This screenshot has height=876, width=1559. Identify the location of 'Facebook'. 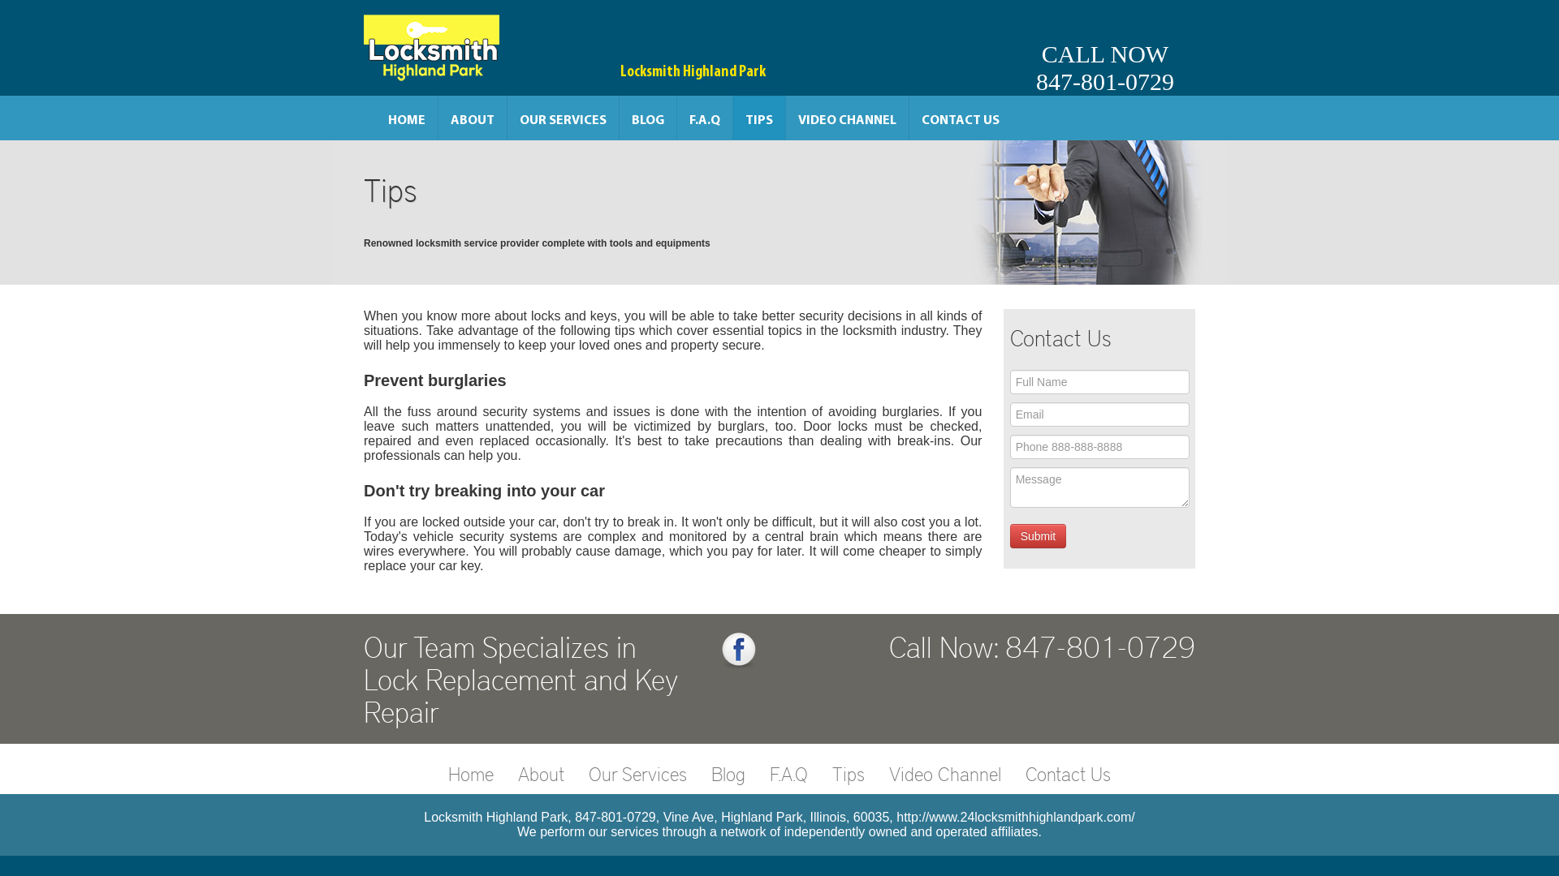
(738, 650).